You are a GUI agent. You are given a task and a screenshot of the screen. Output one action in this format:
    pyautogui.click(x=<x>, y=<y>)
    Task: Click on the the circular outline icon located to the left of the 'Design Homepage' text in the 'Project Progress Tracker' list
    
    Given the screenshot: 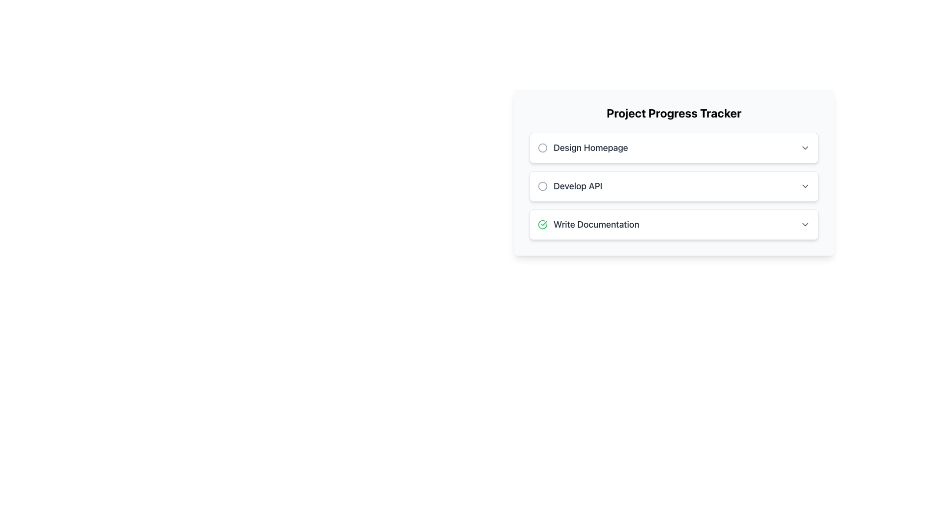 What is the action you would take?
    pyautogui.click(x=542, y=147)
    